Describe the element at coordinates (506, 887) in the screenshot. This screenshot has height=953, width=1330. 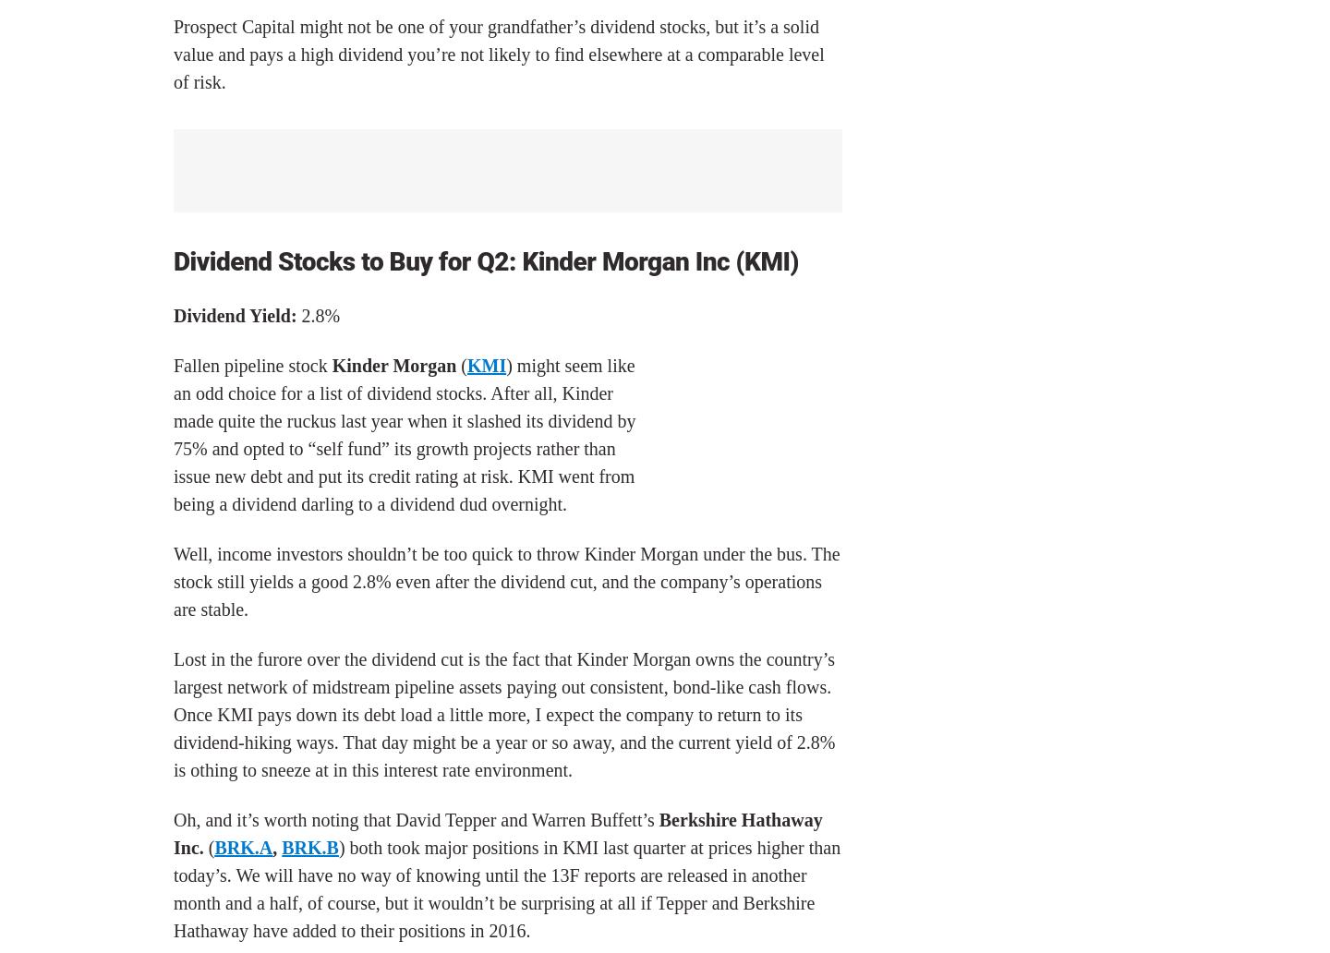
I see `') both took major positions in KMI last quarter at prices higher than today’s. We will have no way of knowing until the 13F reports are released in another month and a half, of course, but it wouldn’t be surprising at all if Tepper and Berkshire Hathaway have added to their positions in 2016.'` at that location.